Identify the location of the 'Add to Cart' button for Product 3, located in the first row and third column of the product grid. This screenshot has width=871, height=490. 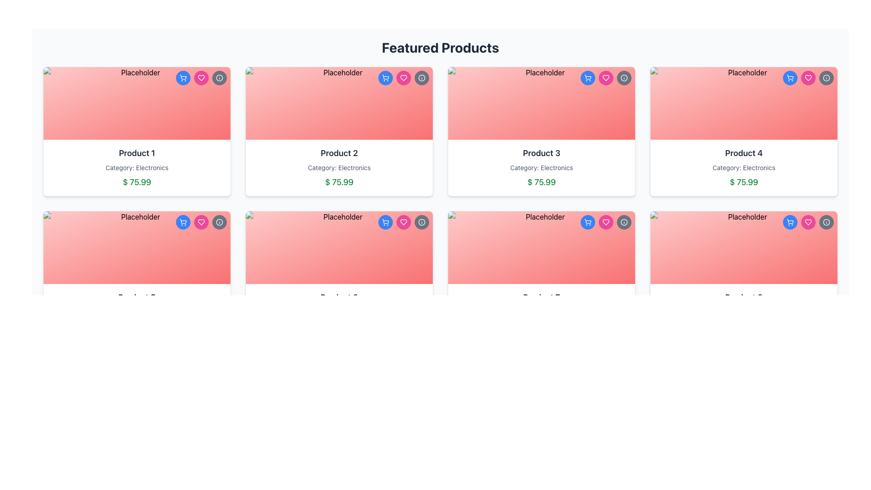
(588, 78).